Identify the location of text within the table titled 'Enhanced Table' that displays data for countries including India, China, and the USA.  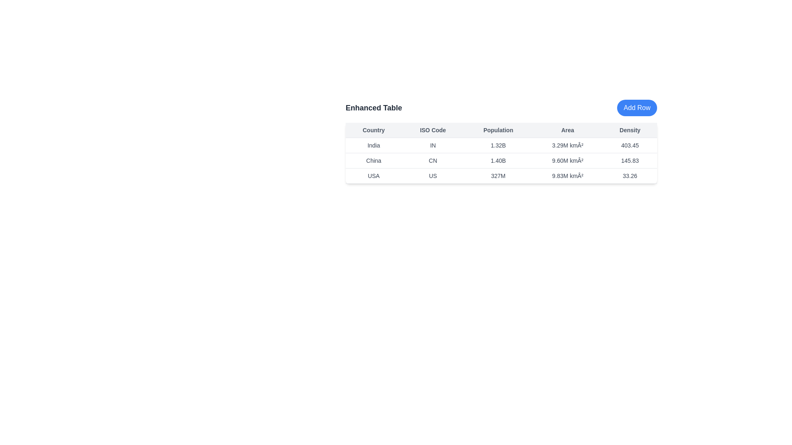
(501, 153).